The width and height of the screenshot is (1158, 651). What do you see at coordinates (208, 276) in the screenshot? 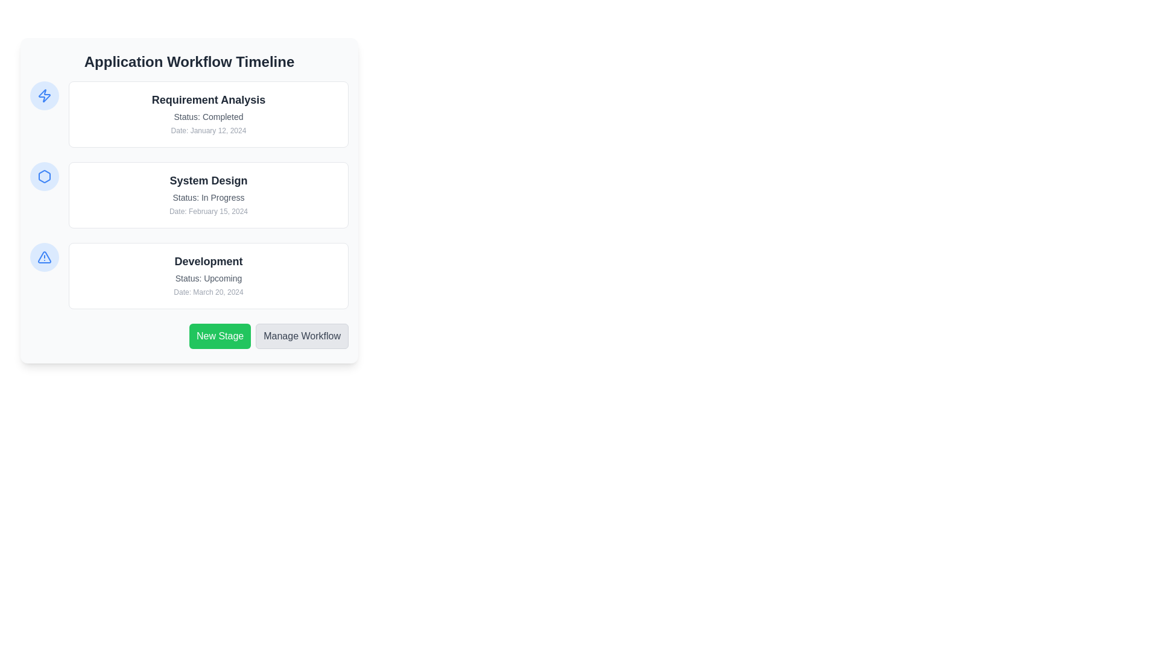
I see `the Informational card displaying 'Development' with a white background and gray border, which is the third card in the list` at bounding box center [208, 276].